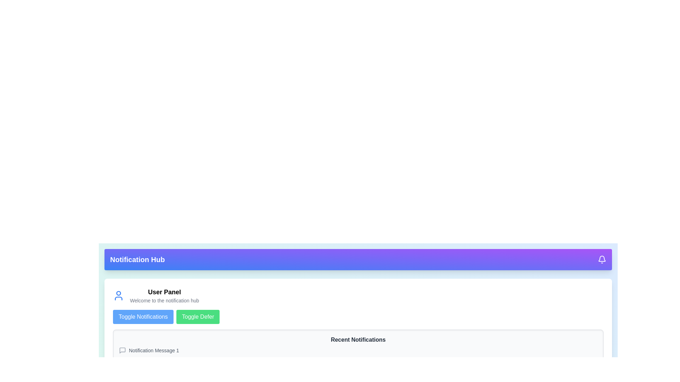  Describe the element at coordinates (143, 316) in the screenshot. I see `the toggle notifications button located on the left side of the button group below the 'User Panel' heading` at that location.